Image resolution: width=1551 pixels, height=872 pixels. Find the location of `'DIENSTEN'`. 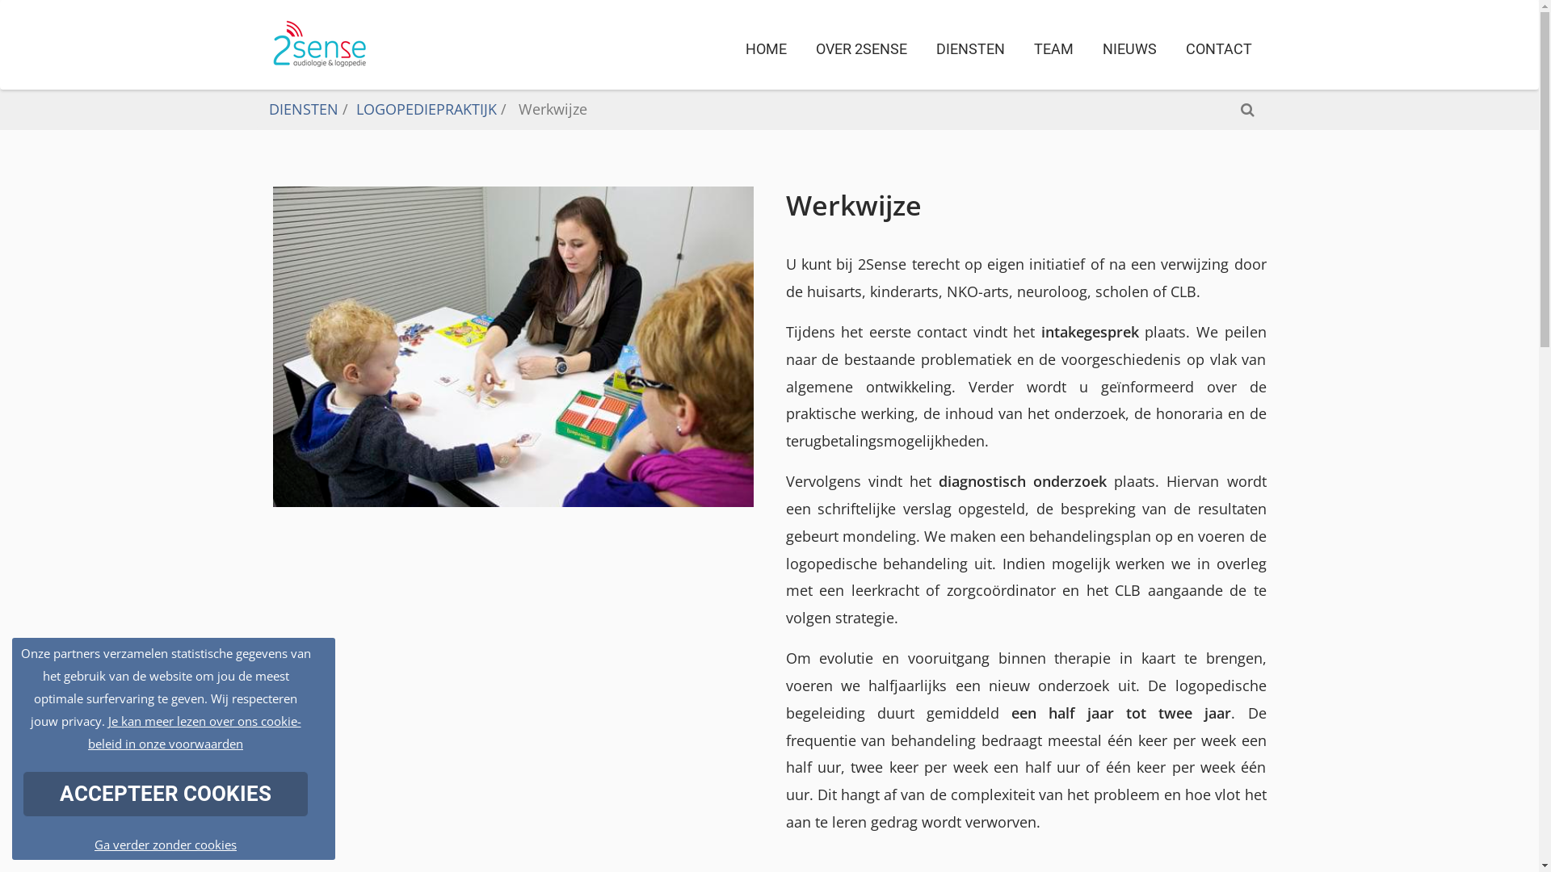

'DIENSTEN' is located at coordinates (302, 109).